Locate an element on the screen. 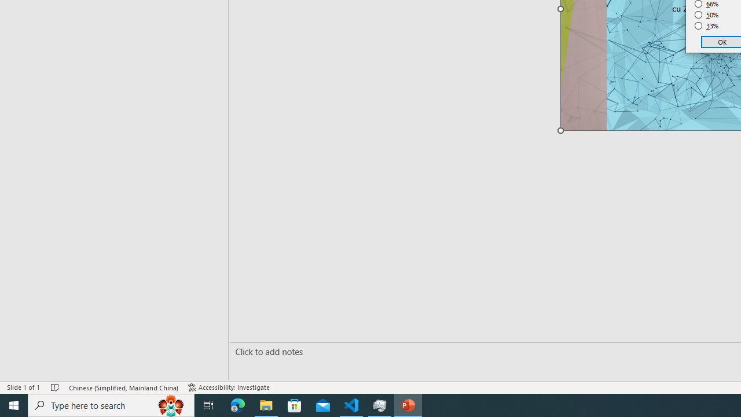 This screenshot has width=741, height=417. 'Visual Studio Code - 1 running window' is located at coordinates (351, 404).